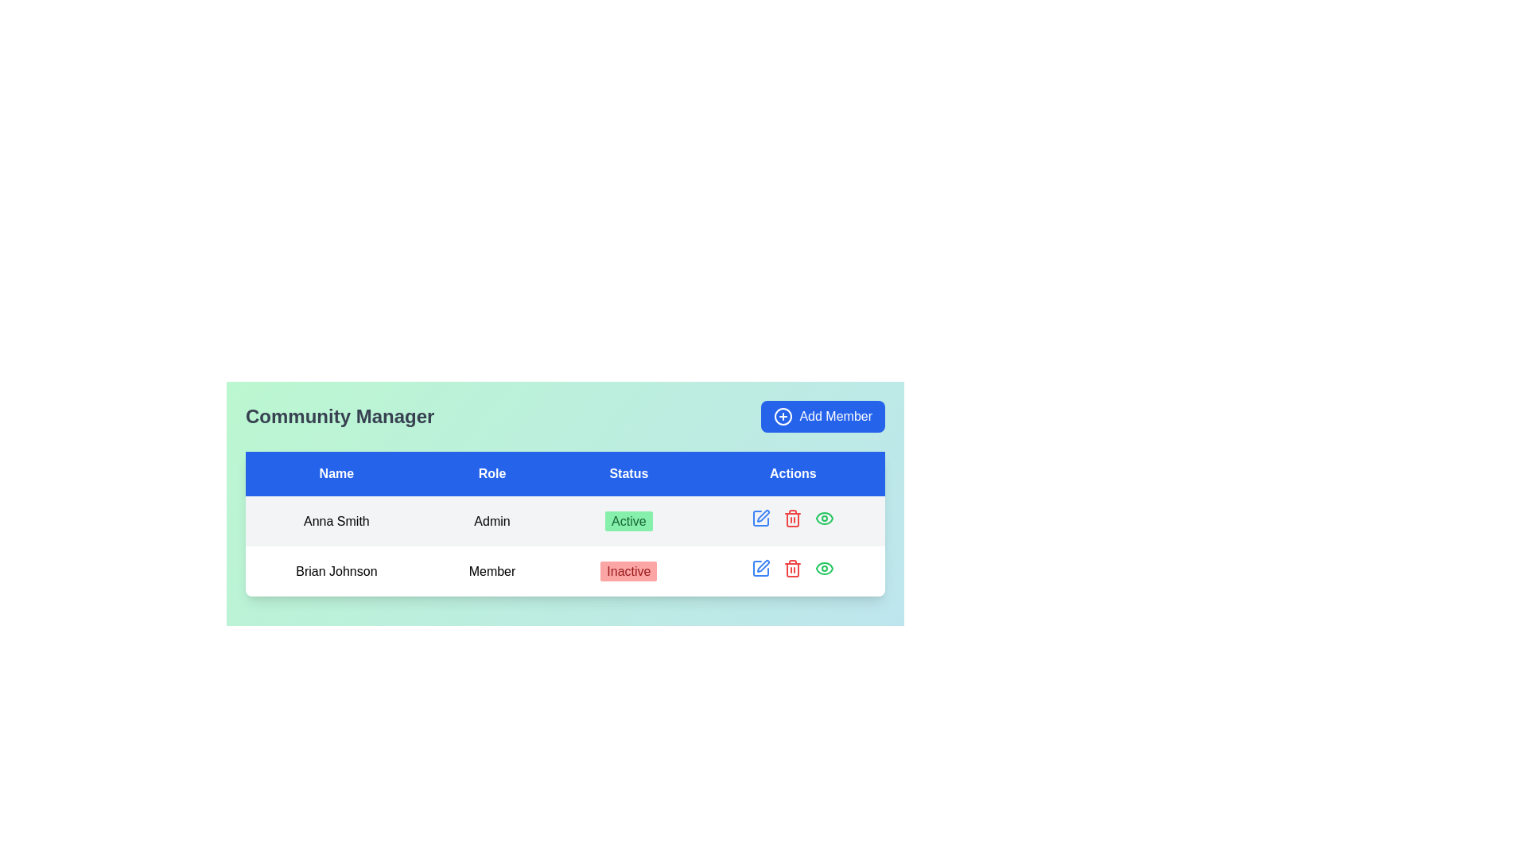  I want to click on the central vertical portion of the trash bin icon in the 'Actions' column for user 'Brian Johnson', so click(793, 520).